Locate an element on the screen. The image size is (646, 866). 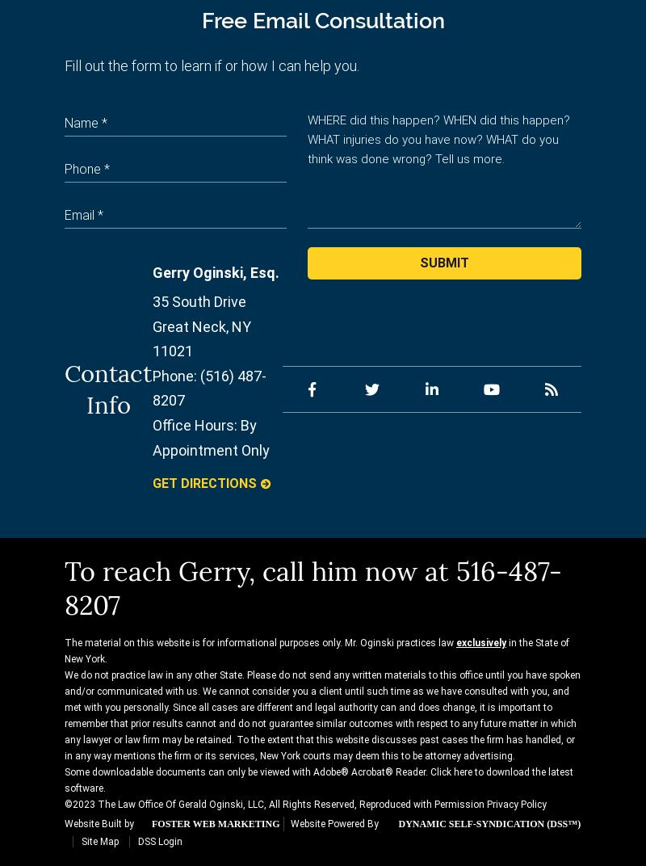
'Click here to download the latest software.' is located at coordinates (65, 779).